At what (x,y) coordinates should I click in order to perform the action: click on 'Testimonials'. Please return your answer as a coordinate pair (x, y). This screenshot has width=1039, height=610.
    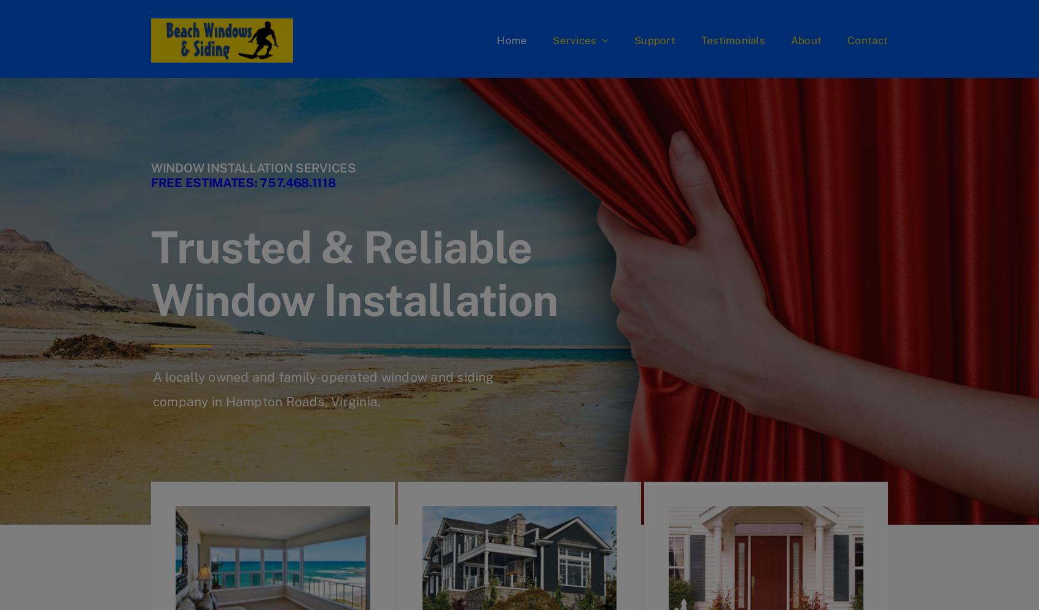
    Looking at the image, I should click on (699, 39).